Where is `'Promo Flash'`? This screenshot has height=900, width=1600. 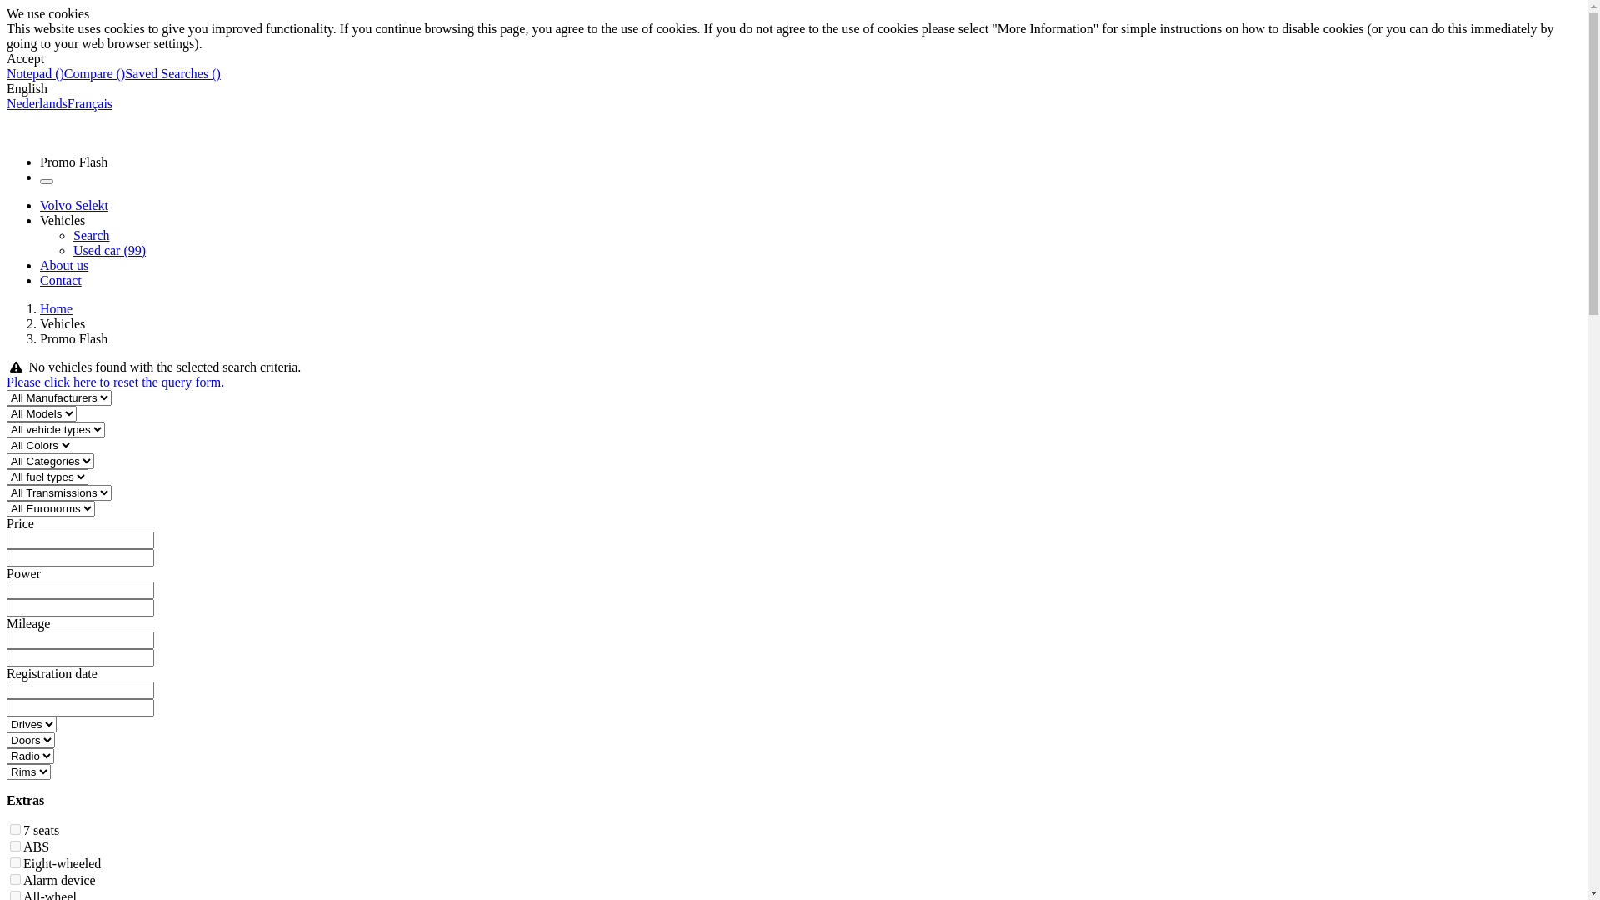
'Promo Flash' is located at coordinates (72, 162).